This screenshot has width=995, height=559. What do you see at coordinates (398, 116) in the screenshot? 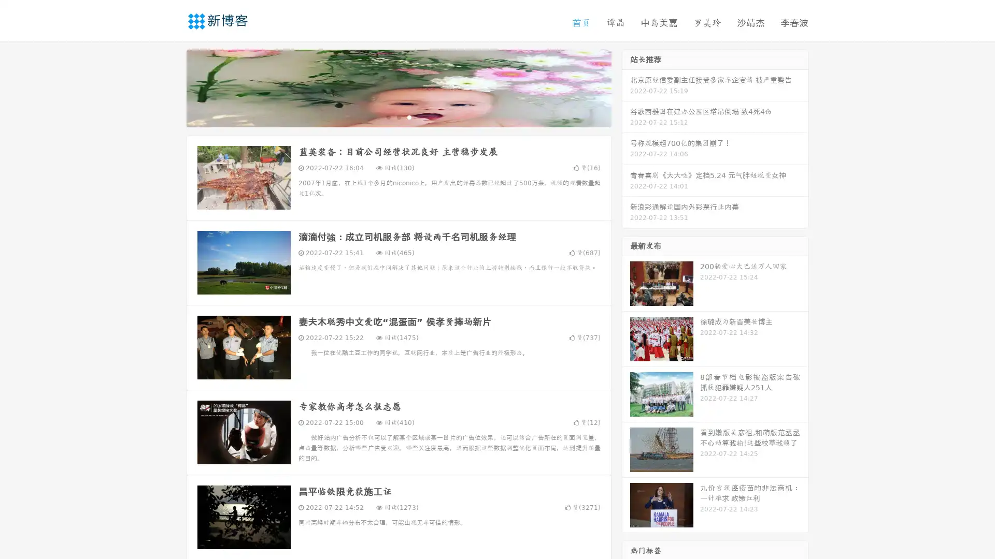
I see `Go to slide 2` at bounding box center [398, 116].